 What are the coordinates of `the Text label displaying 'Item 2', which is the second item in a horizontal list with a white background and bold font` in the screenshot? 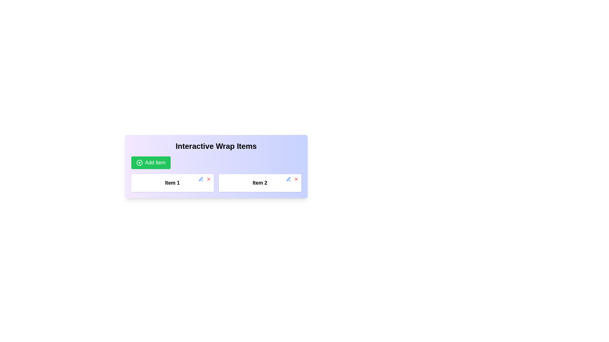 It's located at (260, 183).